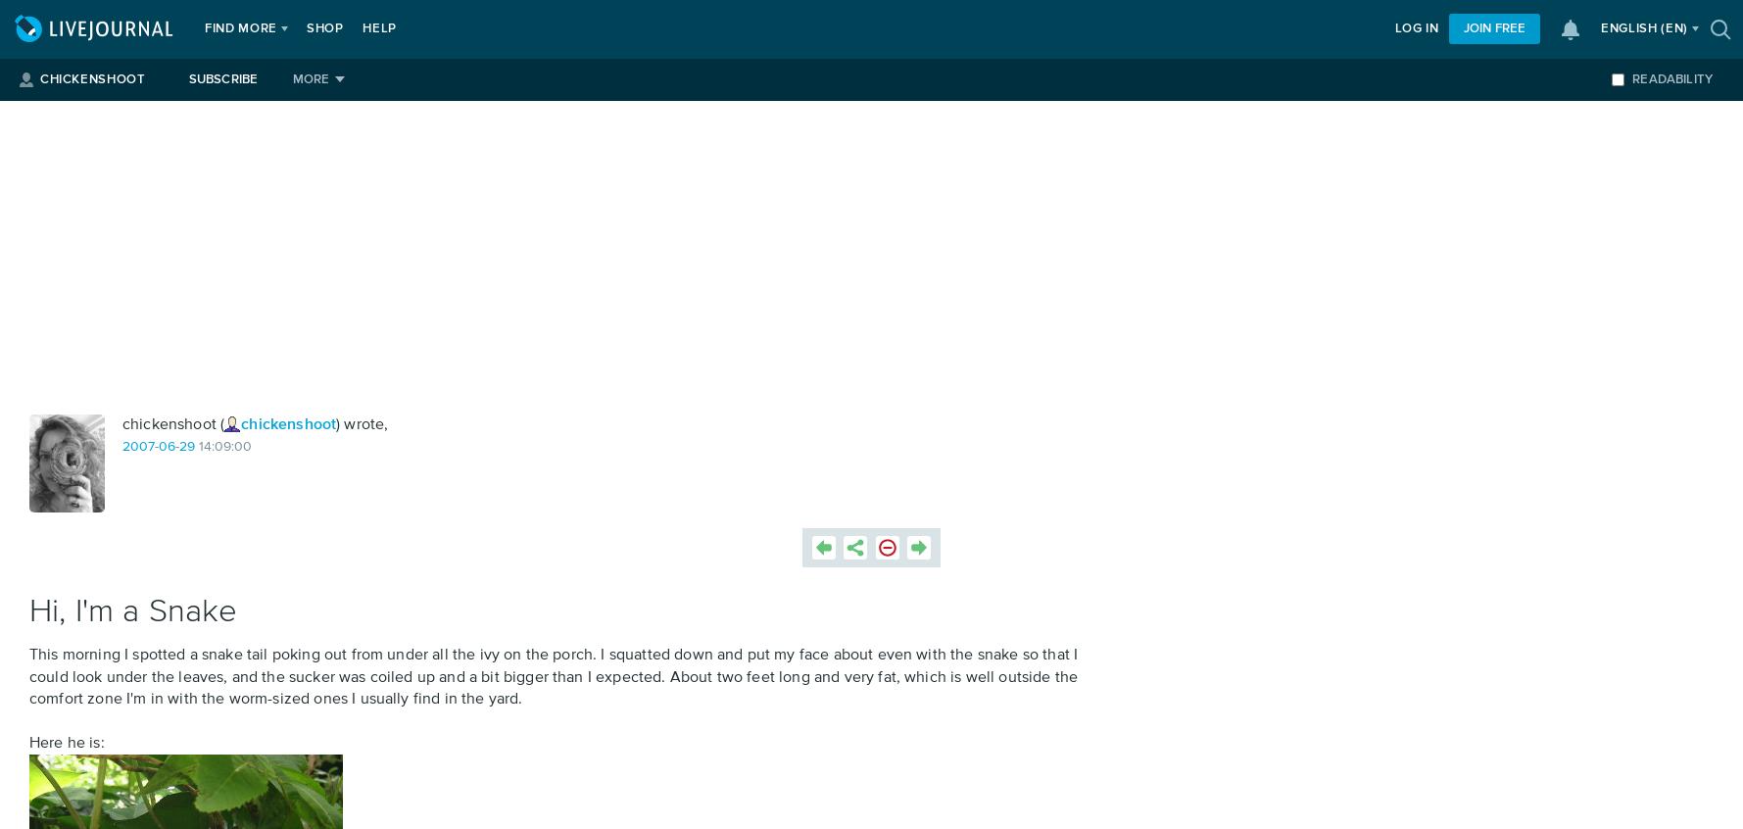 The image size is (1743, 829). What do you see at coordinates (121, 423) in the screenshot?
I see `'chickenshoot ('` at bounding box center [121, 423].